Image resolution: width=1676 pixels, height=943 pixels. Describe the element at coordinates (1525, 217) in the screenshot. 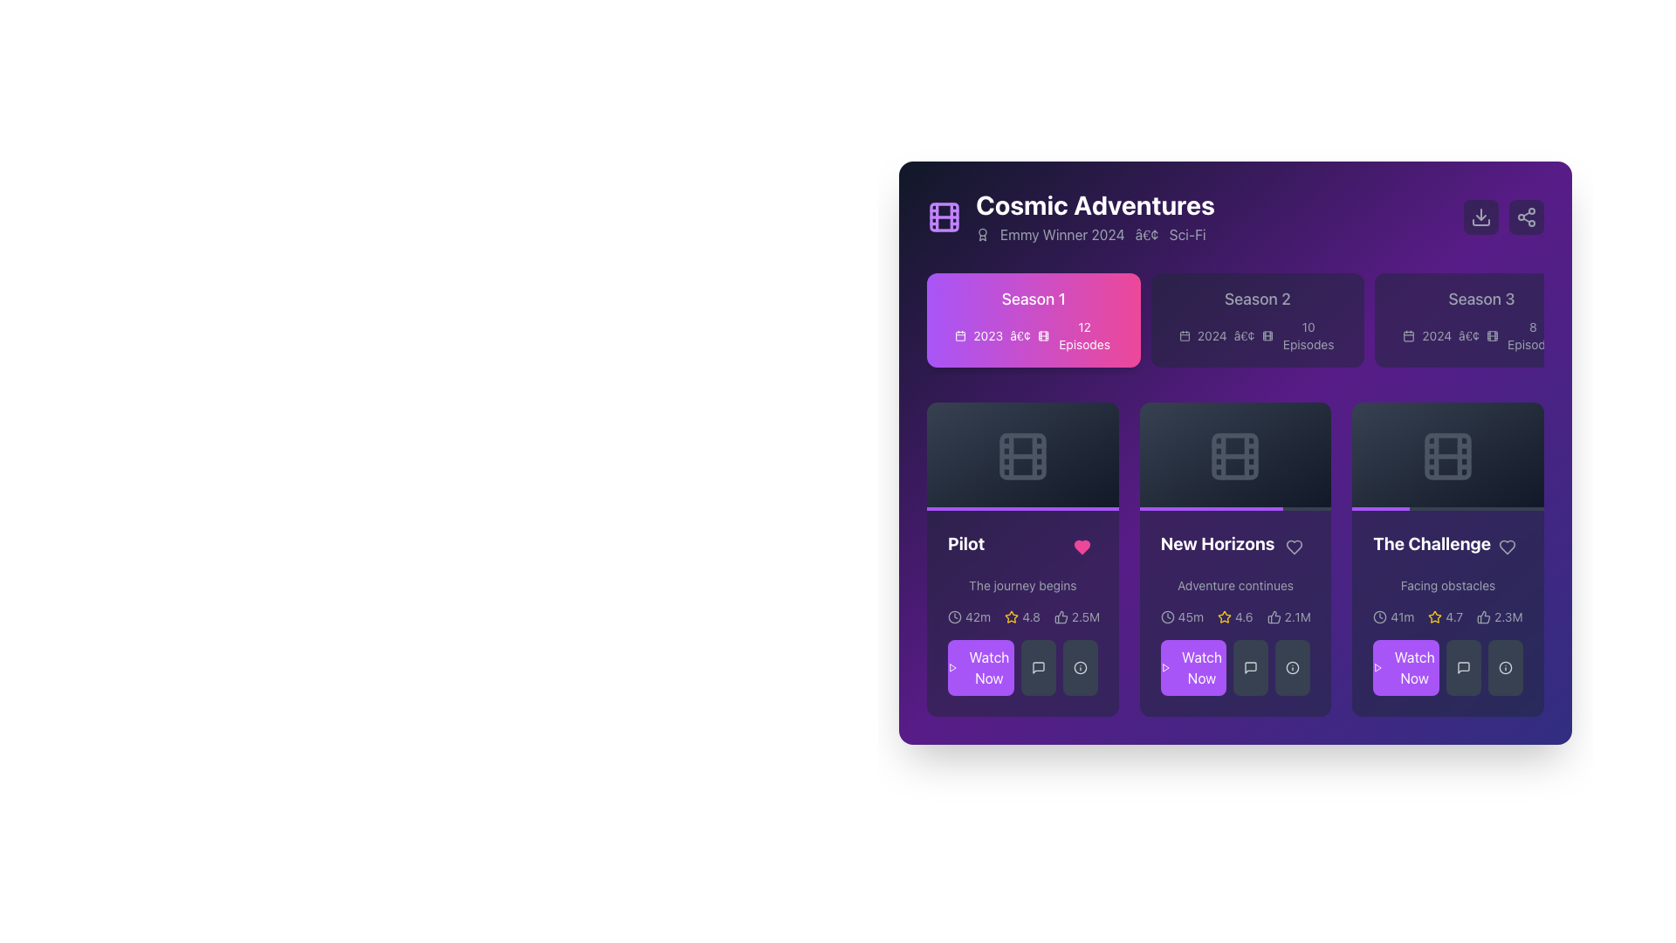

I see `the share icon button located in the top-right corner of the interface, which is a rounded rectangle button with a gray background` at that location.